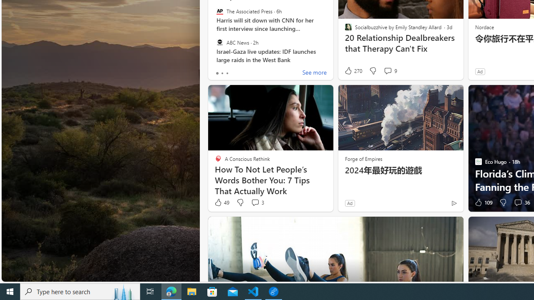  I want to click on '49 Like', so click(222, 202).